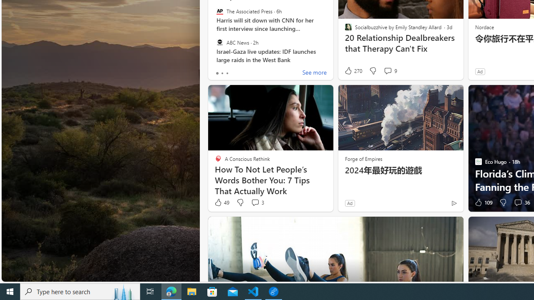  I want to click on '49 Like', so click(222, 202).